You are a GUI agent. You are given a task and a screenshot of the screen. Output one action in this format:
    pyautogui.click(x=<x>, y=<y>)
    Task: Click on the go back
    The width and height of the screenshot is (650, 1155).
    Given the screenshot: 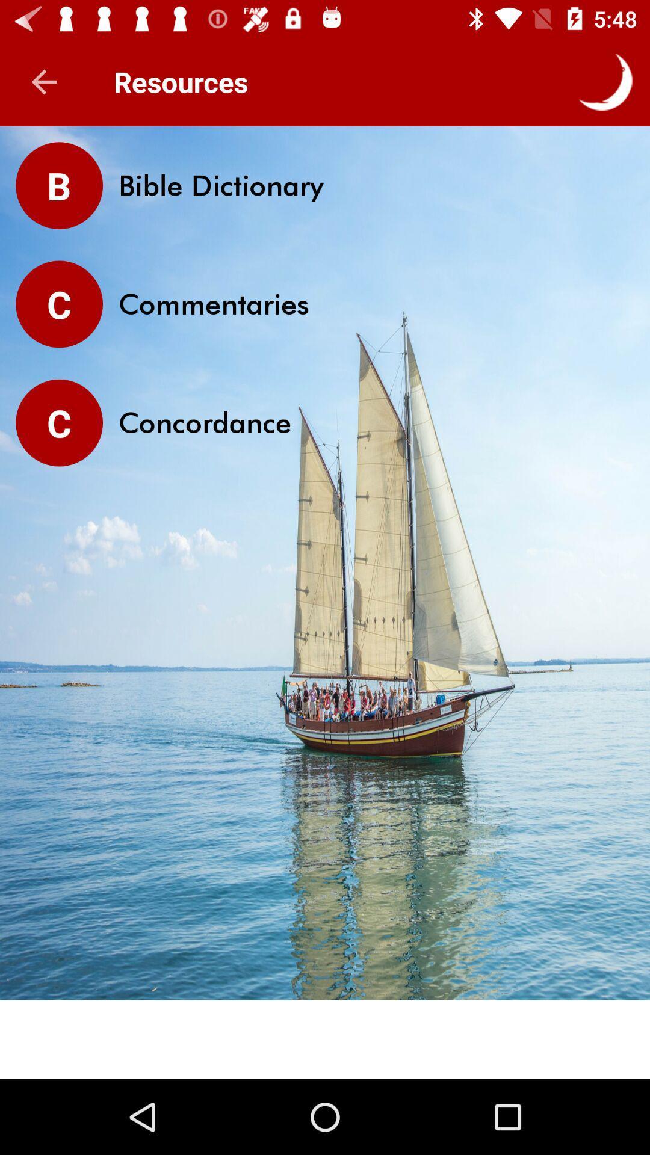 What is the action you would take?
    pyautogui.click(x=43, y=81)
    